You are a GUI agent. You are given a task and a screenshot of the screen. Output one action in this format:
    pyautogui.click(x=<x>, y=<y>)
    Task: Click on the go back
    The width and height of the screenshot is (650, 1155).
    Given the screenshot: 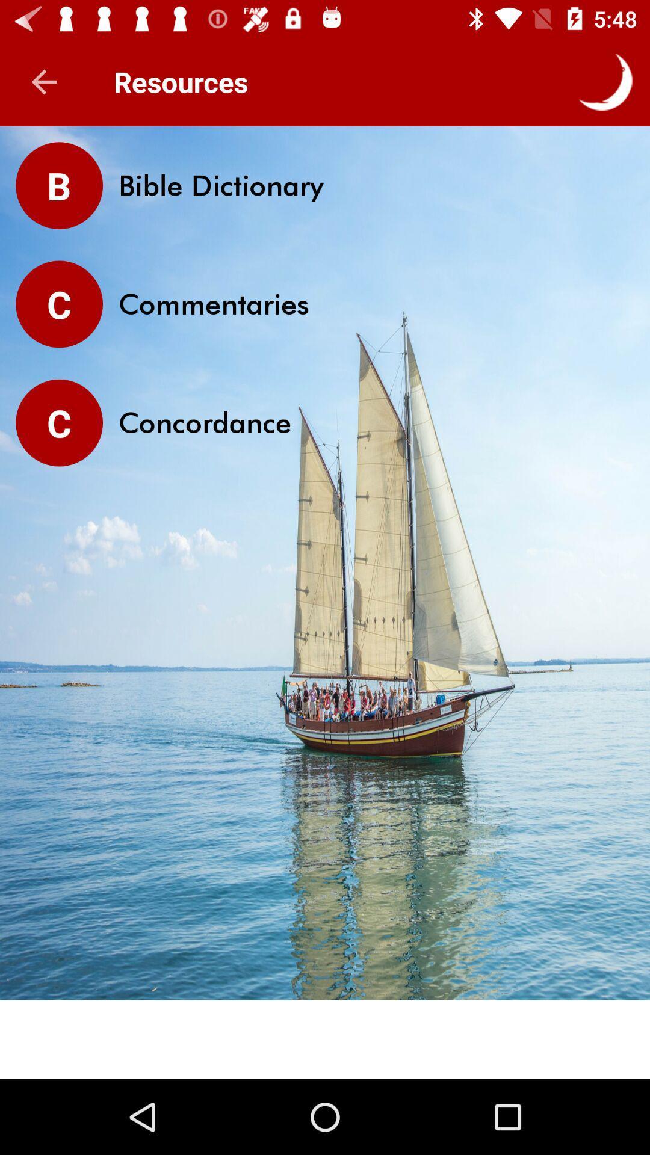 What is the action you would take?
    pyautogui.click(x=43, y=81)
    